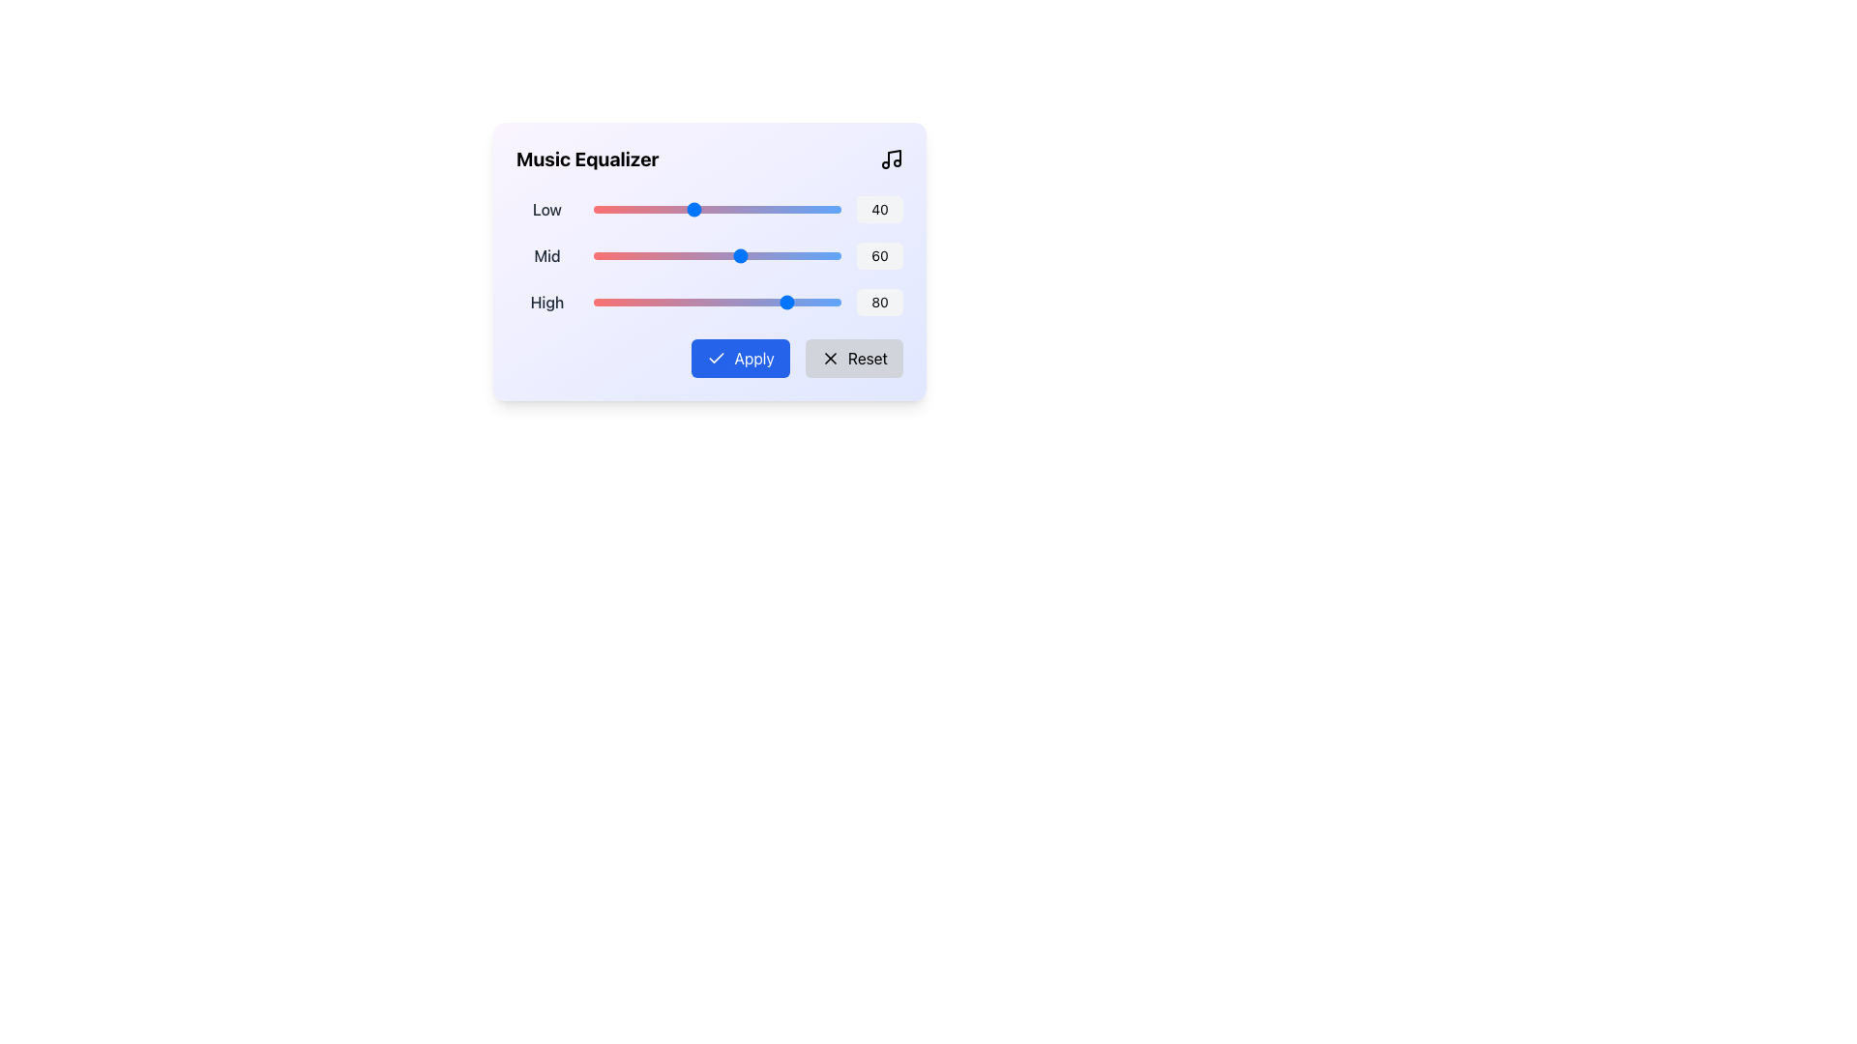 The height and width of the screenshot is (1044, 1857). What do you see at coordinates (811, 302) in the screenshot?
I see `the 'High' audio frequency` at bounding box center [811, 302].